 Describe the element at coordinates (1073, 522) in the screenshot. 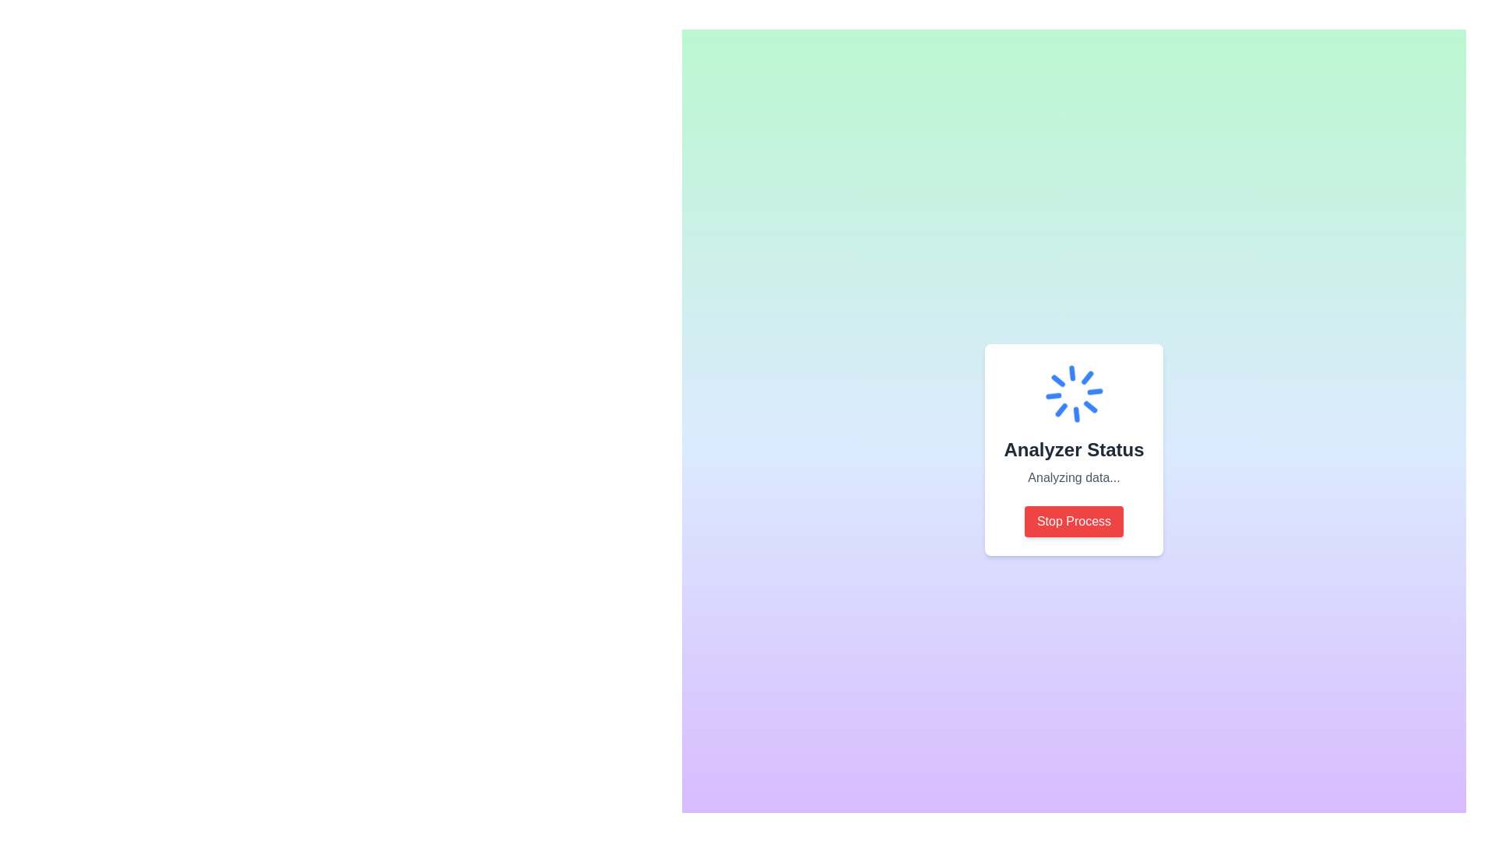

I see `the button that interrupts or ends the process related to the analyzer status, located within a white card below the 'Analyzer Status' title and 'Analyzing data...' subtitle` at that location.